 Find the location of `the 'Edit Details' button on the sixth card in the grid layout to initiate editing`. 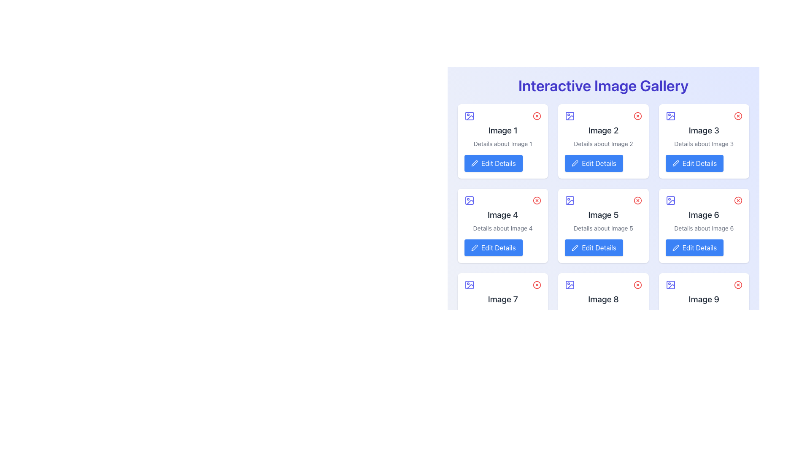

the 'Edit Details' button on the sixth card in the grid layout to initiate editing is located at coordinates (704, 225).